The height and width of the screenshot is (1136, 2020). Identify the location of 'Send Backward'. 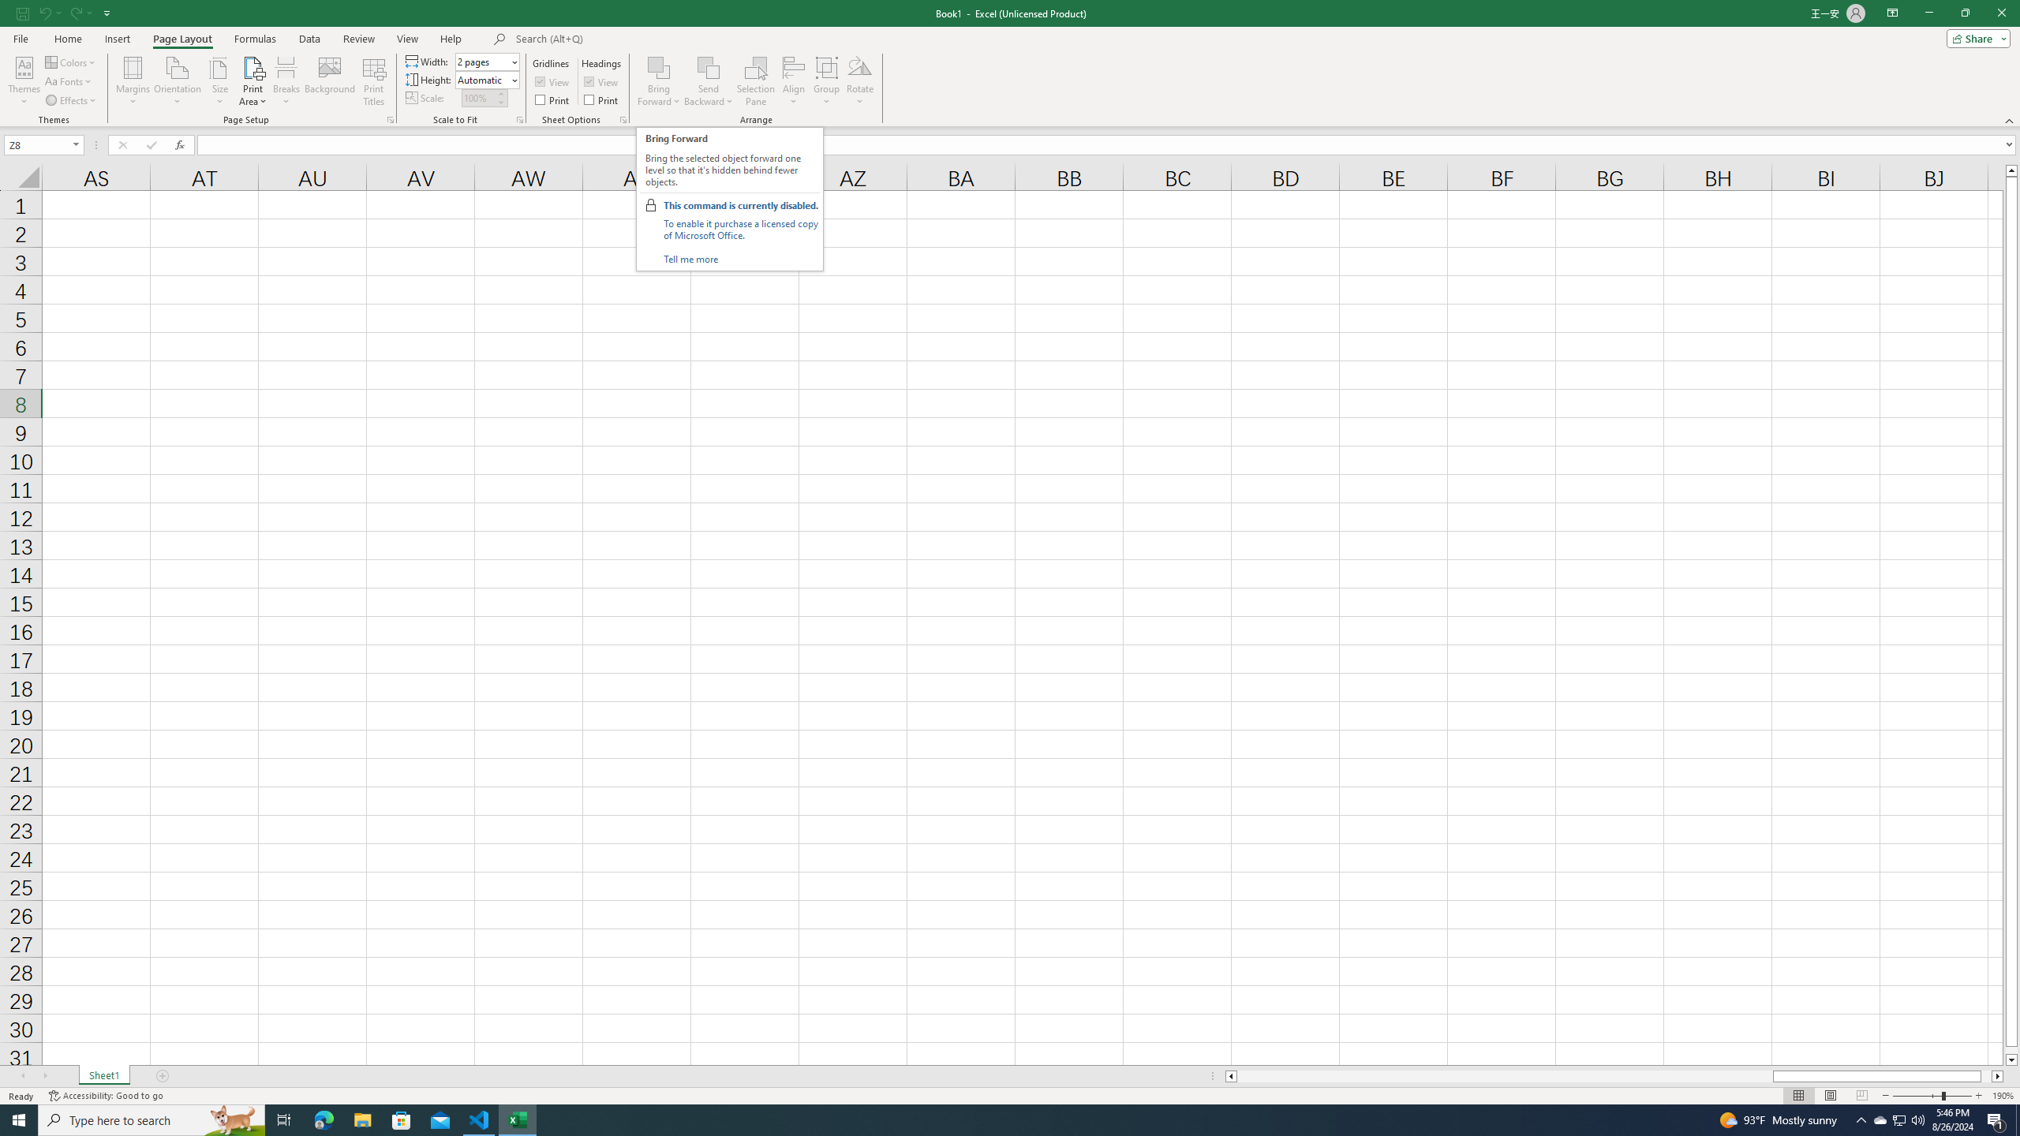
(708, 81).